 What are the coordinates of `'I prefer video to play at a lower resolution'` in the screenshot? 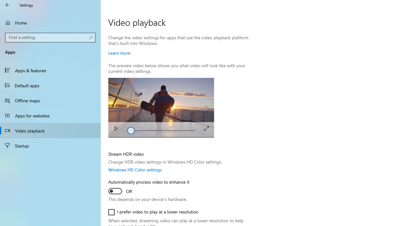 It's located at (153, 212).